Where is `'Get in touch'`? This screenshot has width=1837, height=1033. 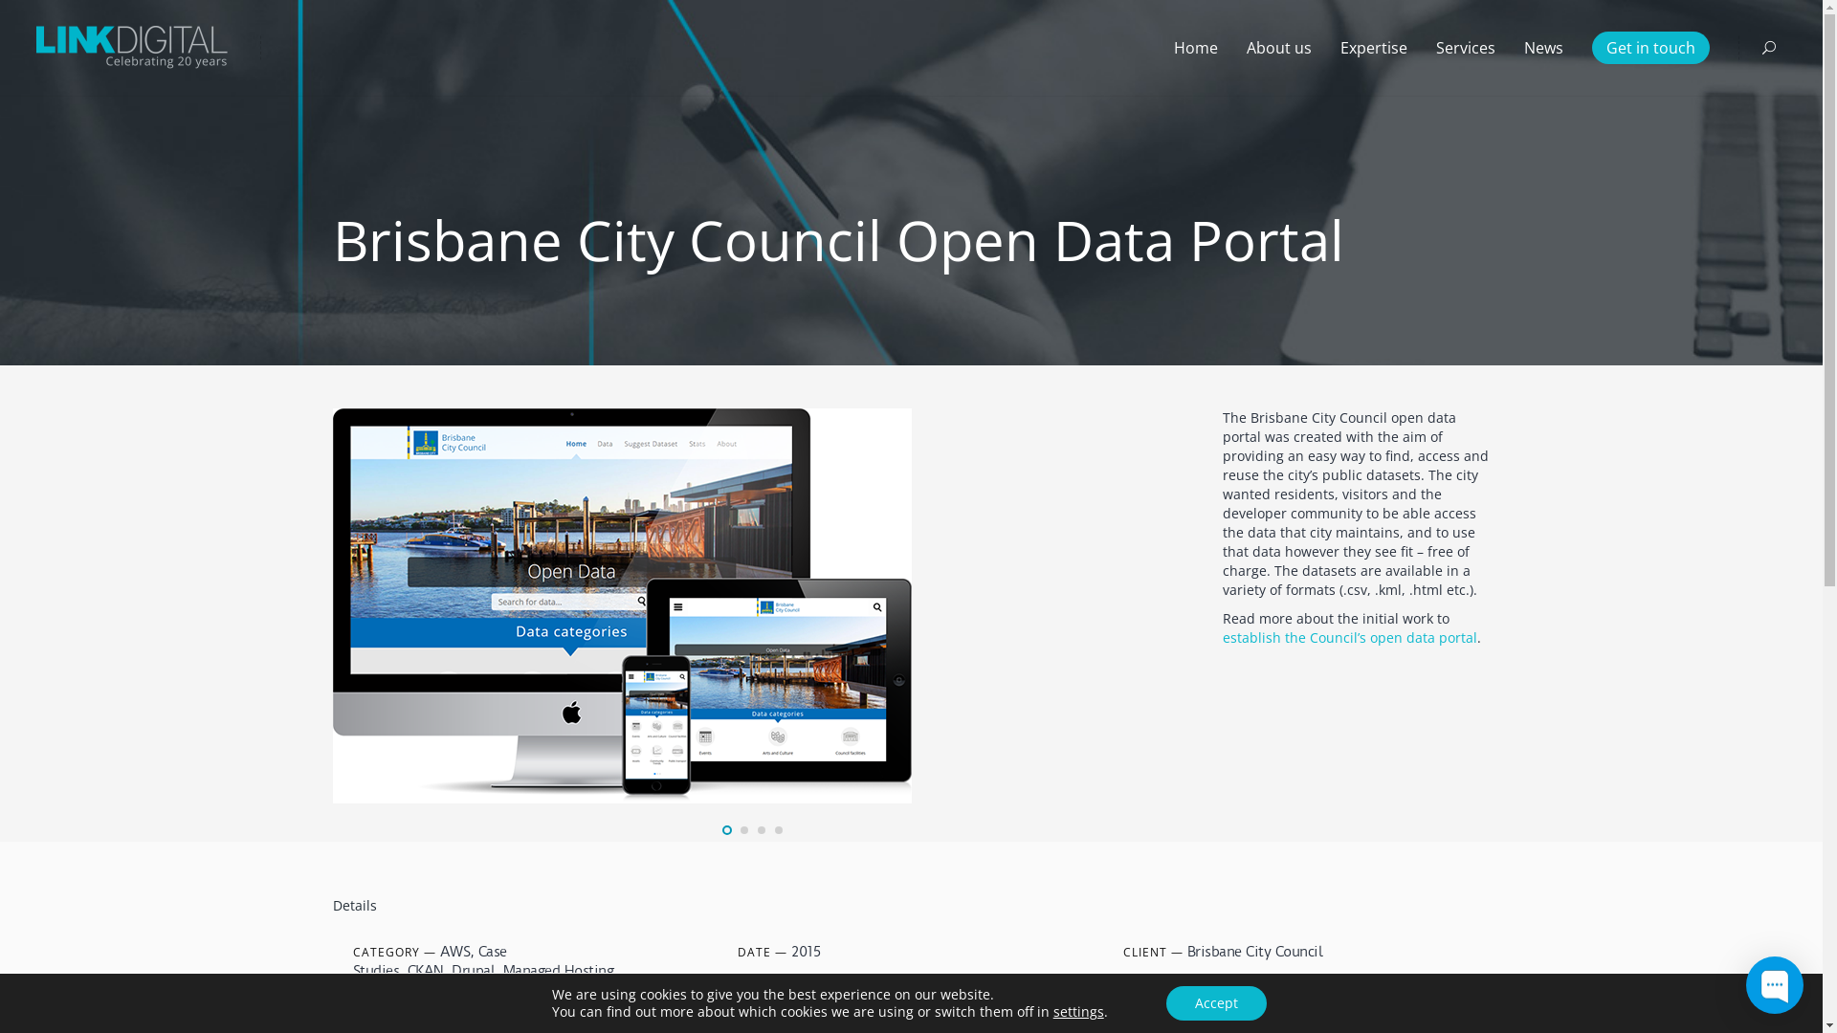
'Get in touch' is located at coordinates (1649, 47).